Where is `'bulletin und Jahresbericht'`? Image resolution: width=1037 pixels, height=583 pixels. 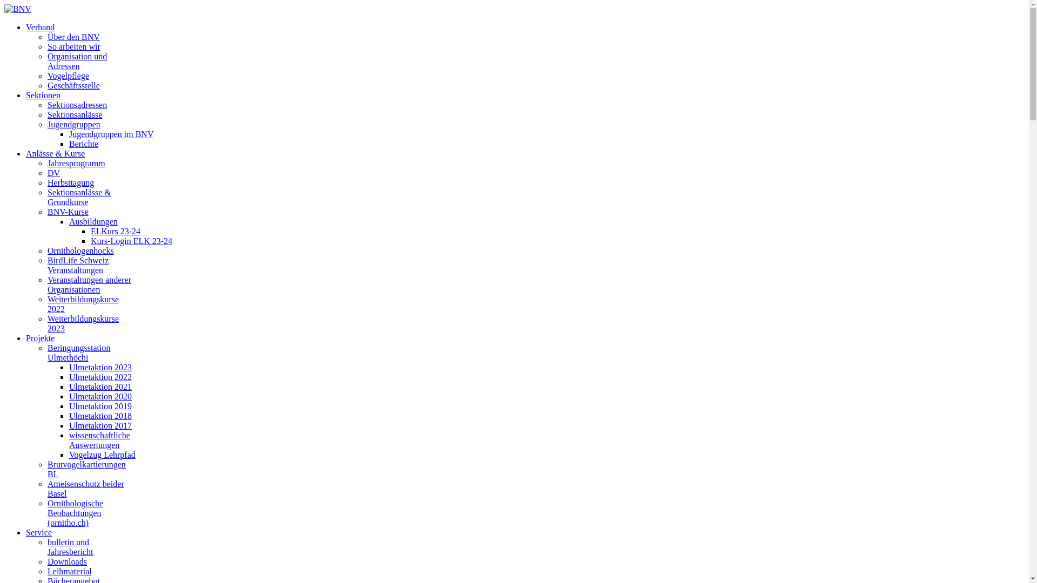 'bulletin und Jahresbericht' is located at coordinates (69, 547).